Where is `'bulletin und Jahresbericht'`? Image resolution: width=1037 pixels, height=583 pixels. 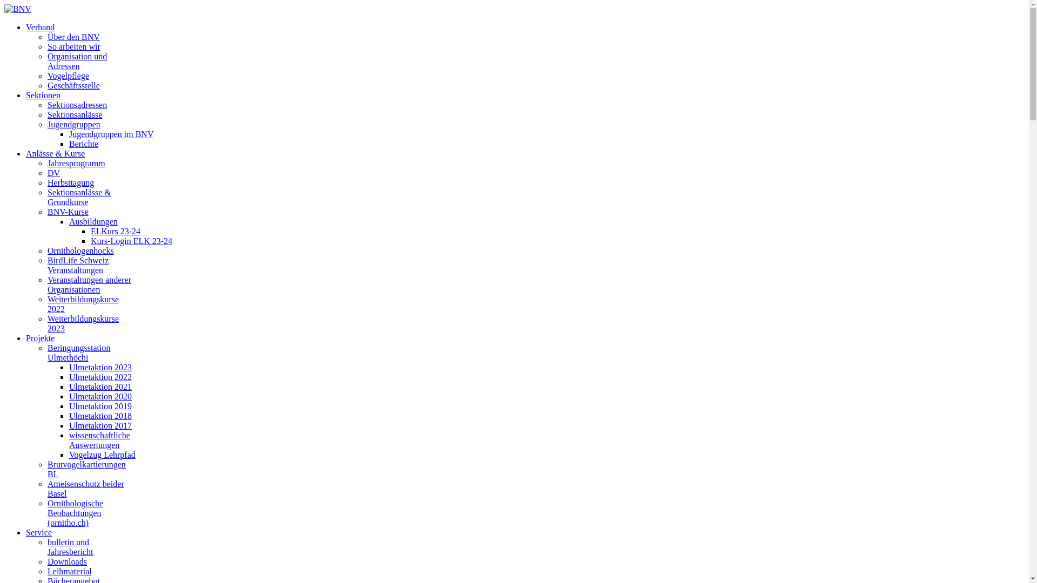 'bulletin und Jahresbericht' is located at coordinates (69, 547).